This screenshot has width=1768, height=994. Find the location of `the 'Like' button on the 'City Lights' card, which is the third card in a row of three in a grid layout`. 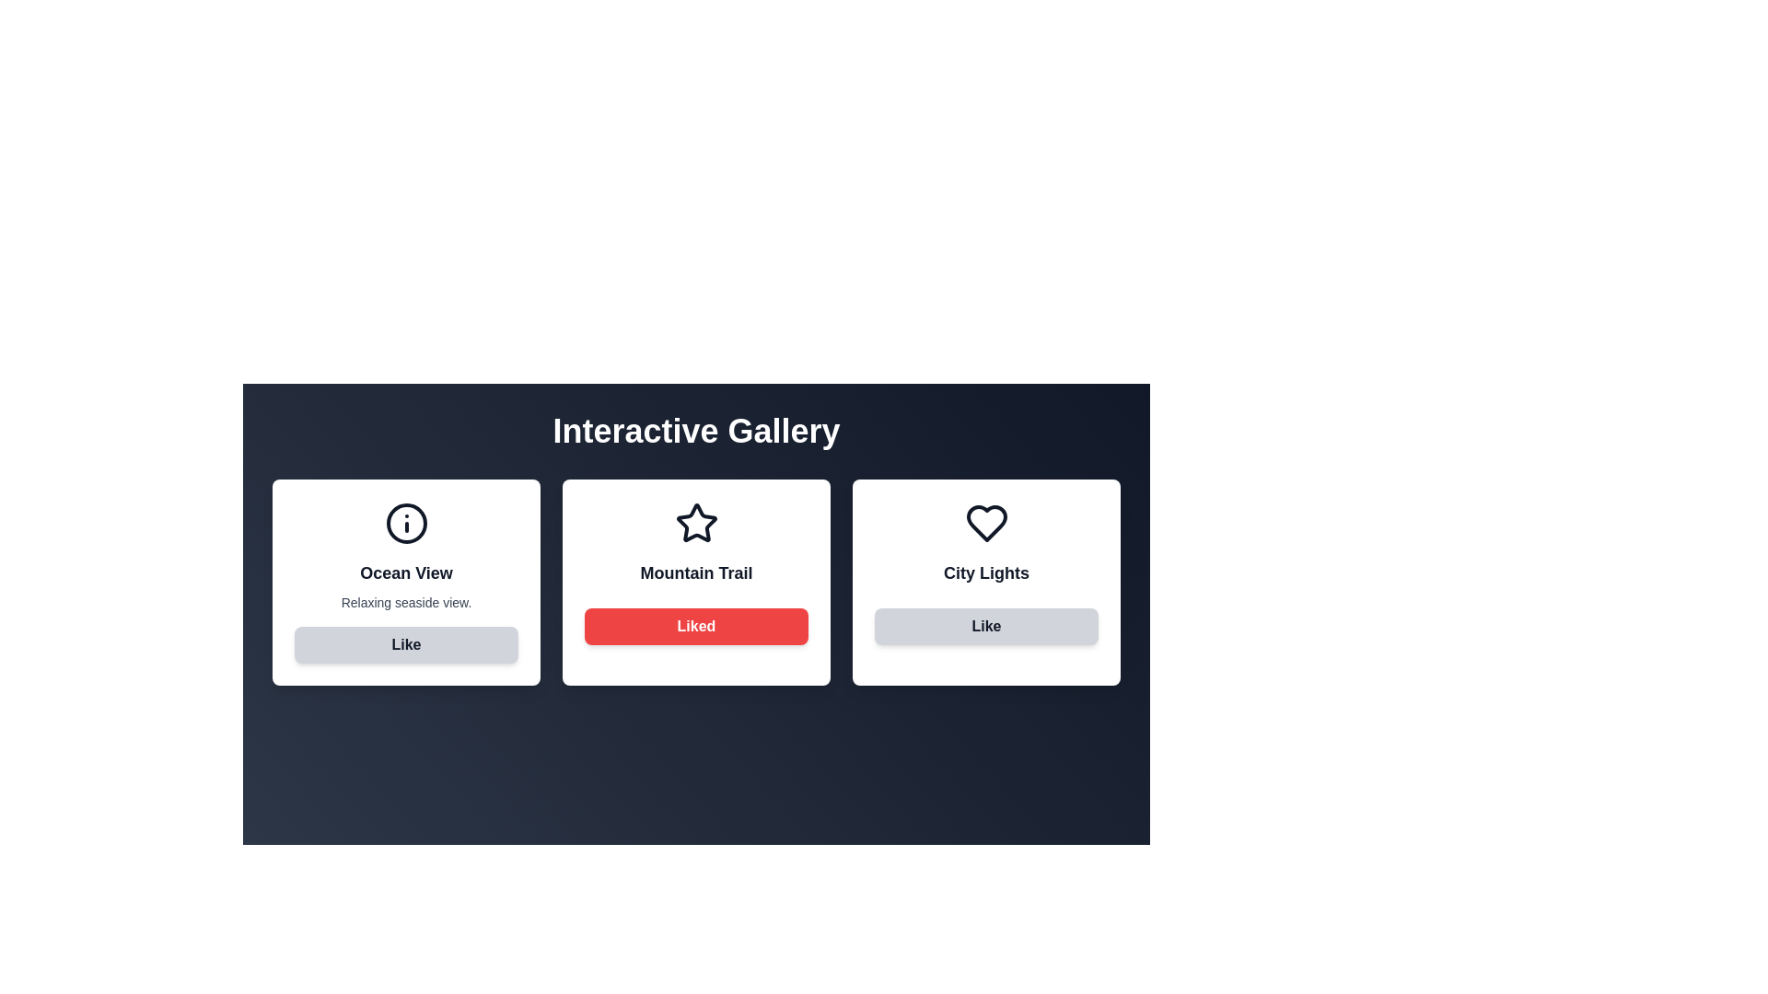

the 'Like' button on the 'City Lights' card, which is the third card in a row of three in a grid layout is located at coordinates (985, 582).